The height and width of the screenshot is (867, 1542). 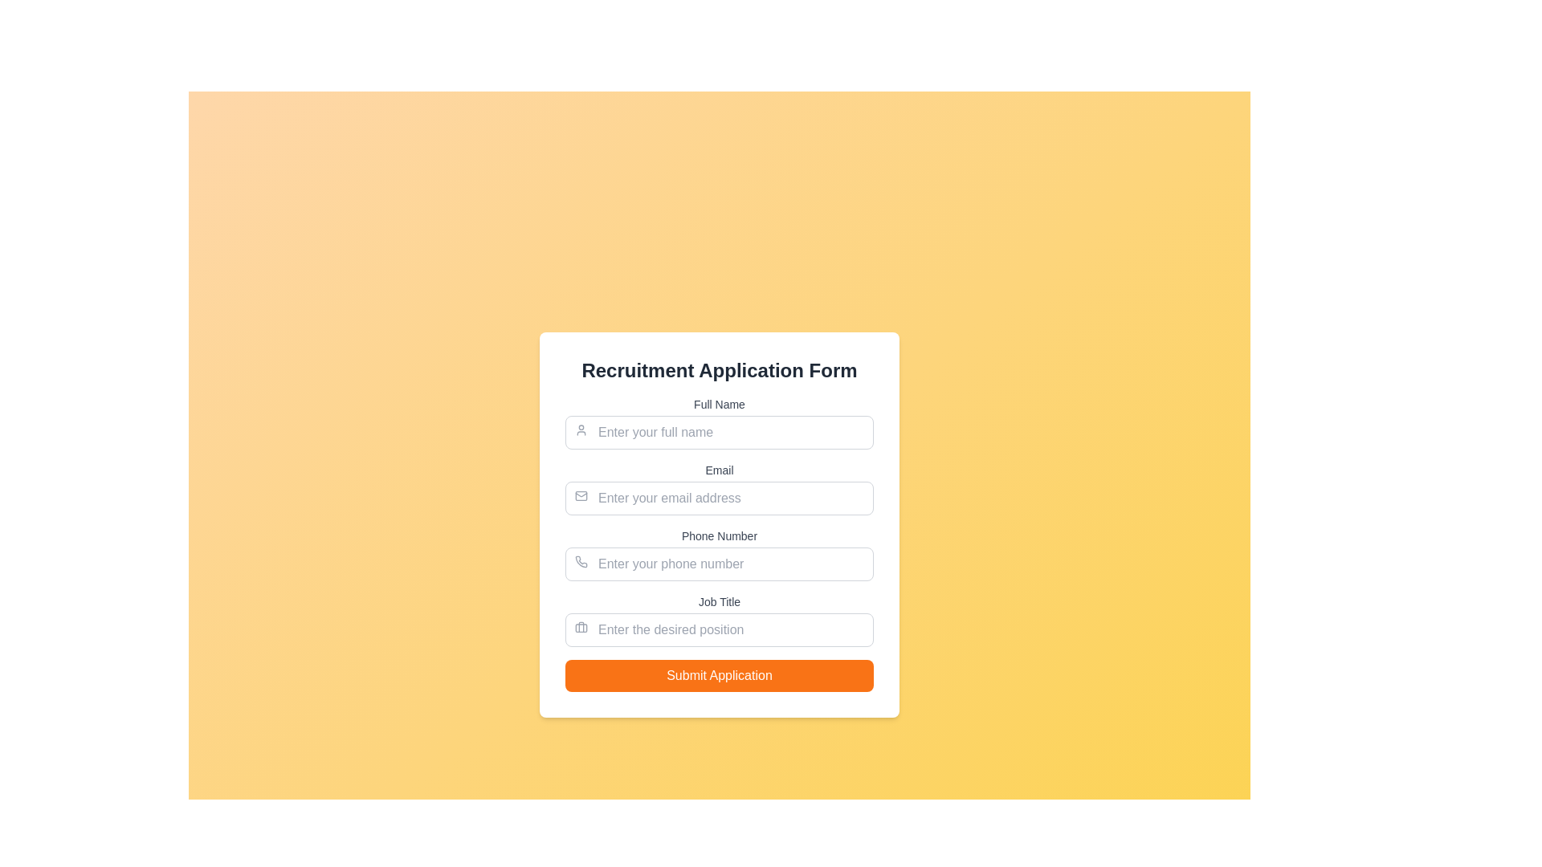 What do you see at coordinates (581, 627) in the screenshot?
I see `the briefcase icon located to the left of the 'Enter the desired position' input field in the 'Job Title' section of the recruitment application form` at bounding box center [581, 627].